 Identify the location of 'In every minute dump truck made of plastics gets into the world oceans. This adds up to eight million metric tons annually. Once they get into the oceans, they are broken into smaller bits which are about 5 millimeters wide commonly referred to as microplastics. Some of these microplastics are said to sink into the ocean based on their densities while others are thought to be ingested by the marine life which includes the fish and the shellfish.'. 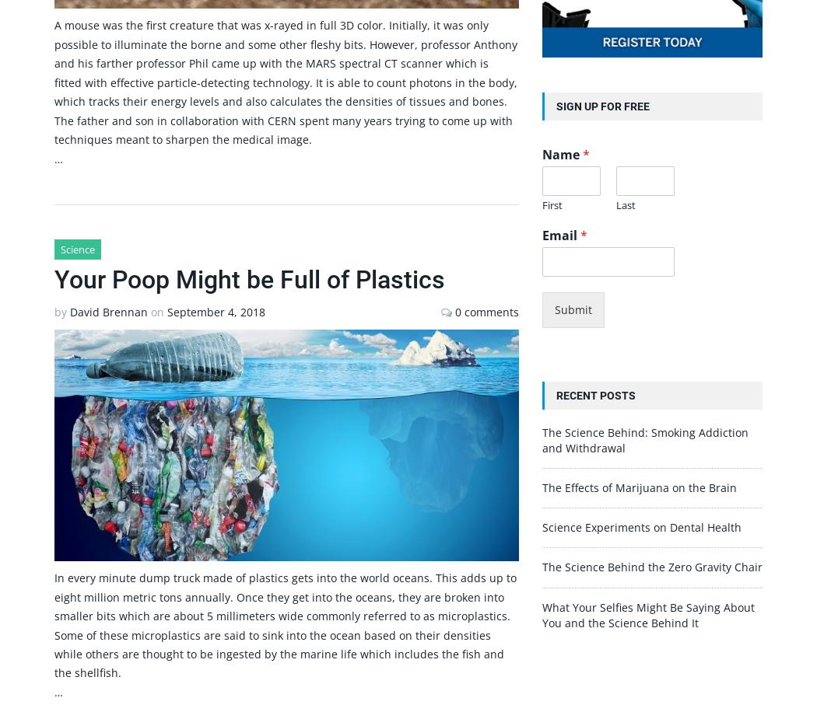
(54, 625).